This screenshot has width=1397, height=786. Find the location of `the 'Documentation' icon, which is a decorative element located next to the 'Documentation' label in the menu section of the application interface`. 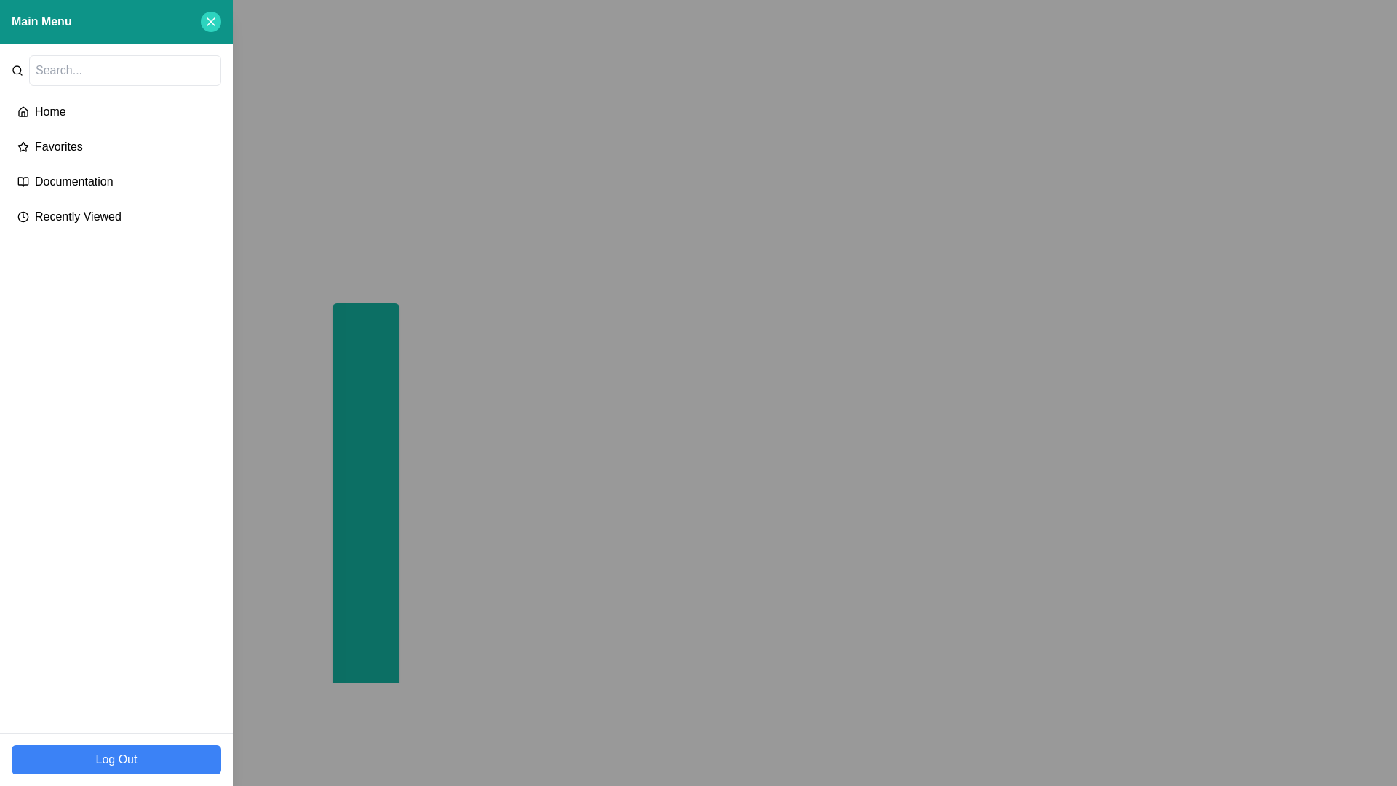

the 'Documentation' icon, which is a decorative element located next to the 'Documentation' label in the menu section of the application interface is located at coordinates (23, 181).